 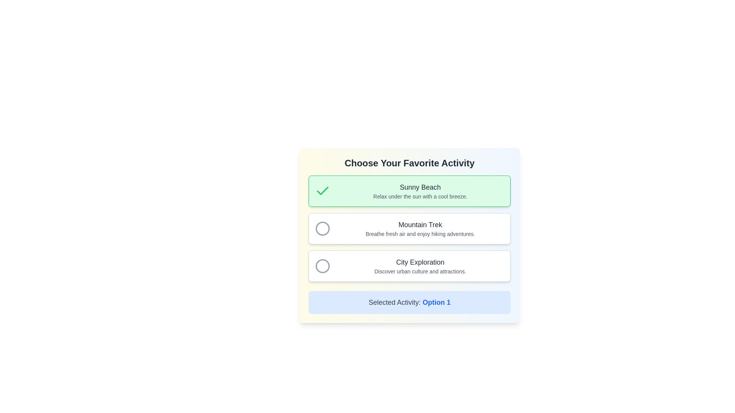 What do you see at coordinates (323, 228) in the screenshot?
I see `the selectable icon, which is a circle with a light-gray border located in the second selection option titled 'Mountain Trek'` at bounding box center [323, 228].